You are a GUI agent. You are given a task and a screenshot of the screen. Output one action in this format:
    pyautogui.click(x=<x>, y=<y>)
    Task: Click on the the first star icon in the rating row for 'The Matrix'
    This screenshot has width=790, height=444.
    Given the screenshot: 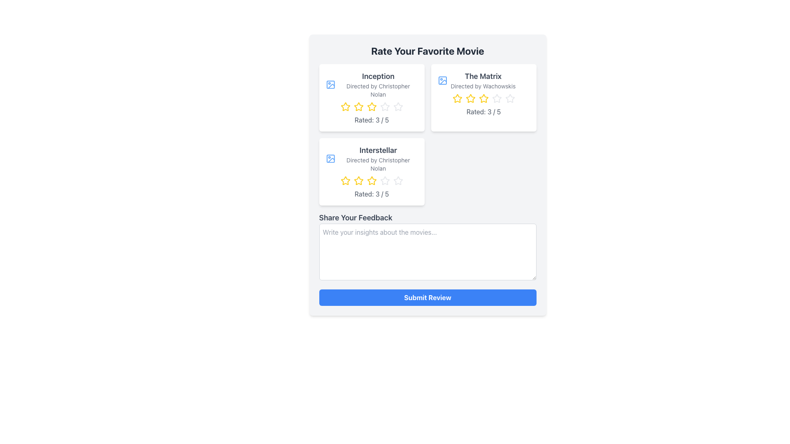 What is the action you would take?
    pyautogui.click(x=457, y=98)
    